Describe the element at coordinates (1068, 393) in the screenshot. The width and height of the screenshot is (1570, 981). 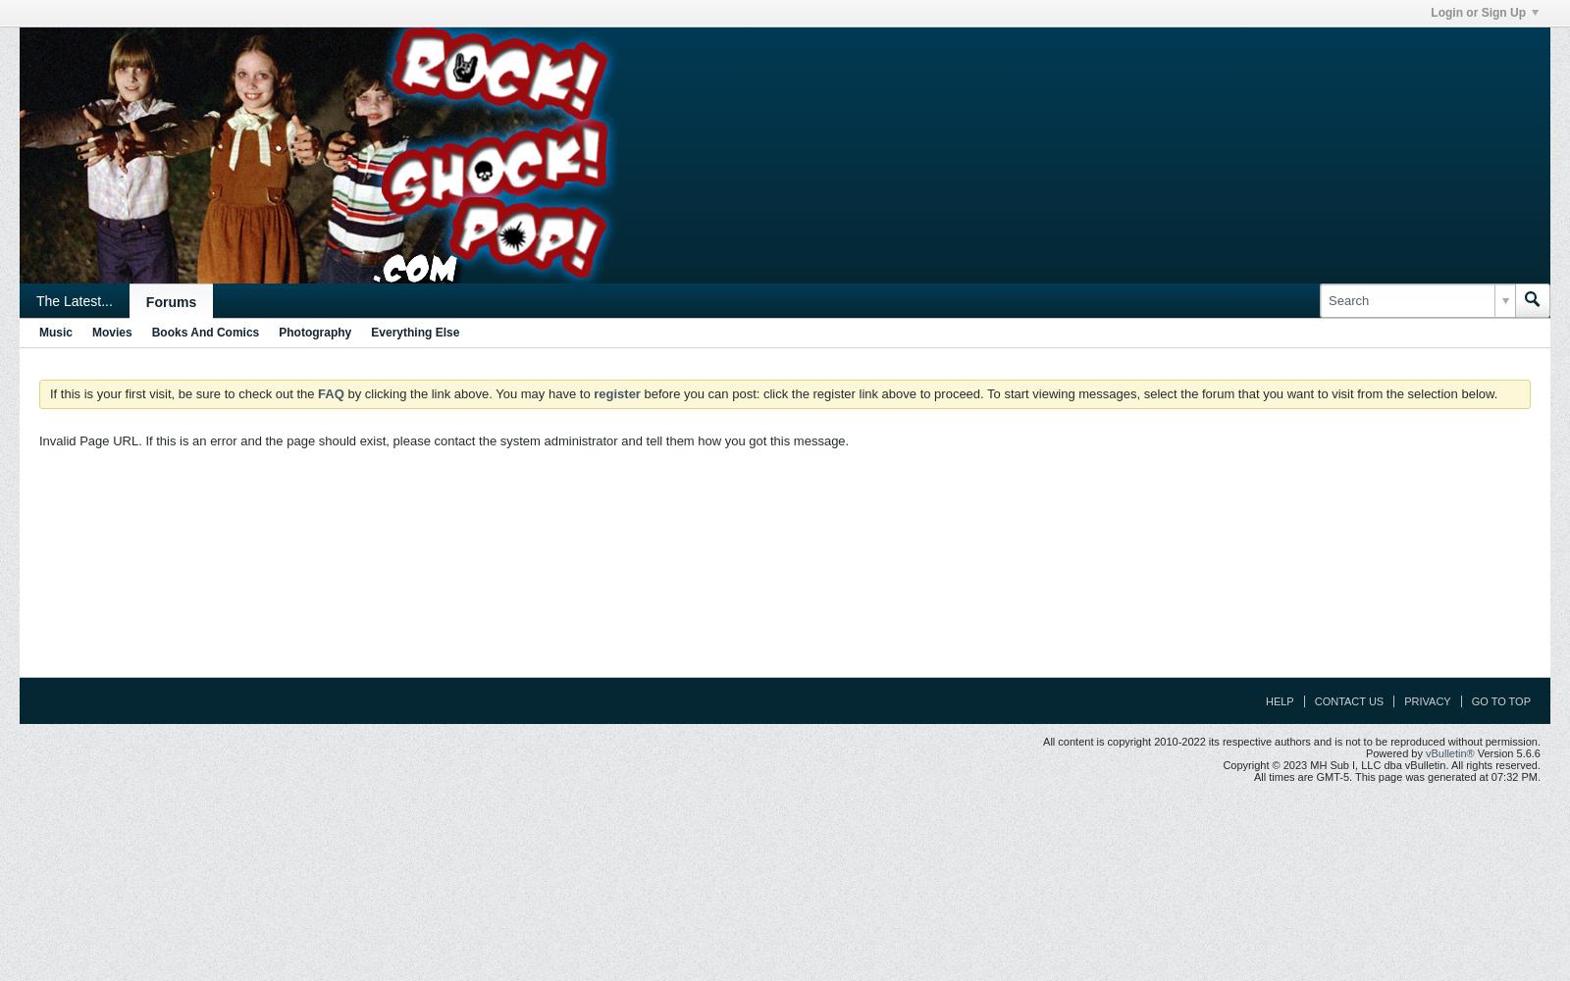
I see `'before you can post: click the register link above to proceed. To start viewing messages,
		select the forum that you want to visit from the selection below.'` at that location.